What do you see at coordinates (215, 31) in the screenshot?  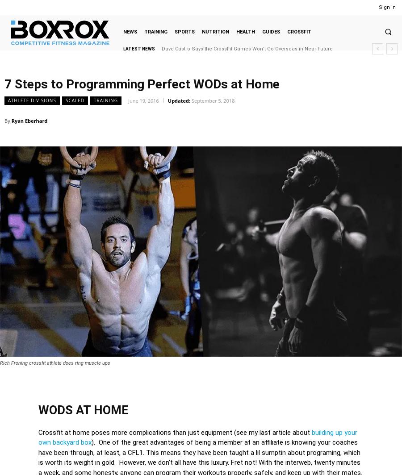 I see `'Nutrition'` at bounding box center [215, 31].